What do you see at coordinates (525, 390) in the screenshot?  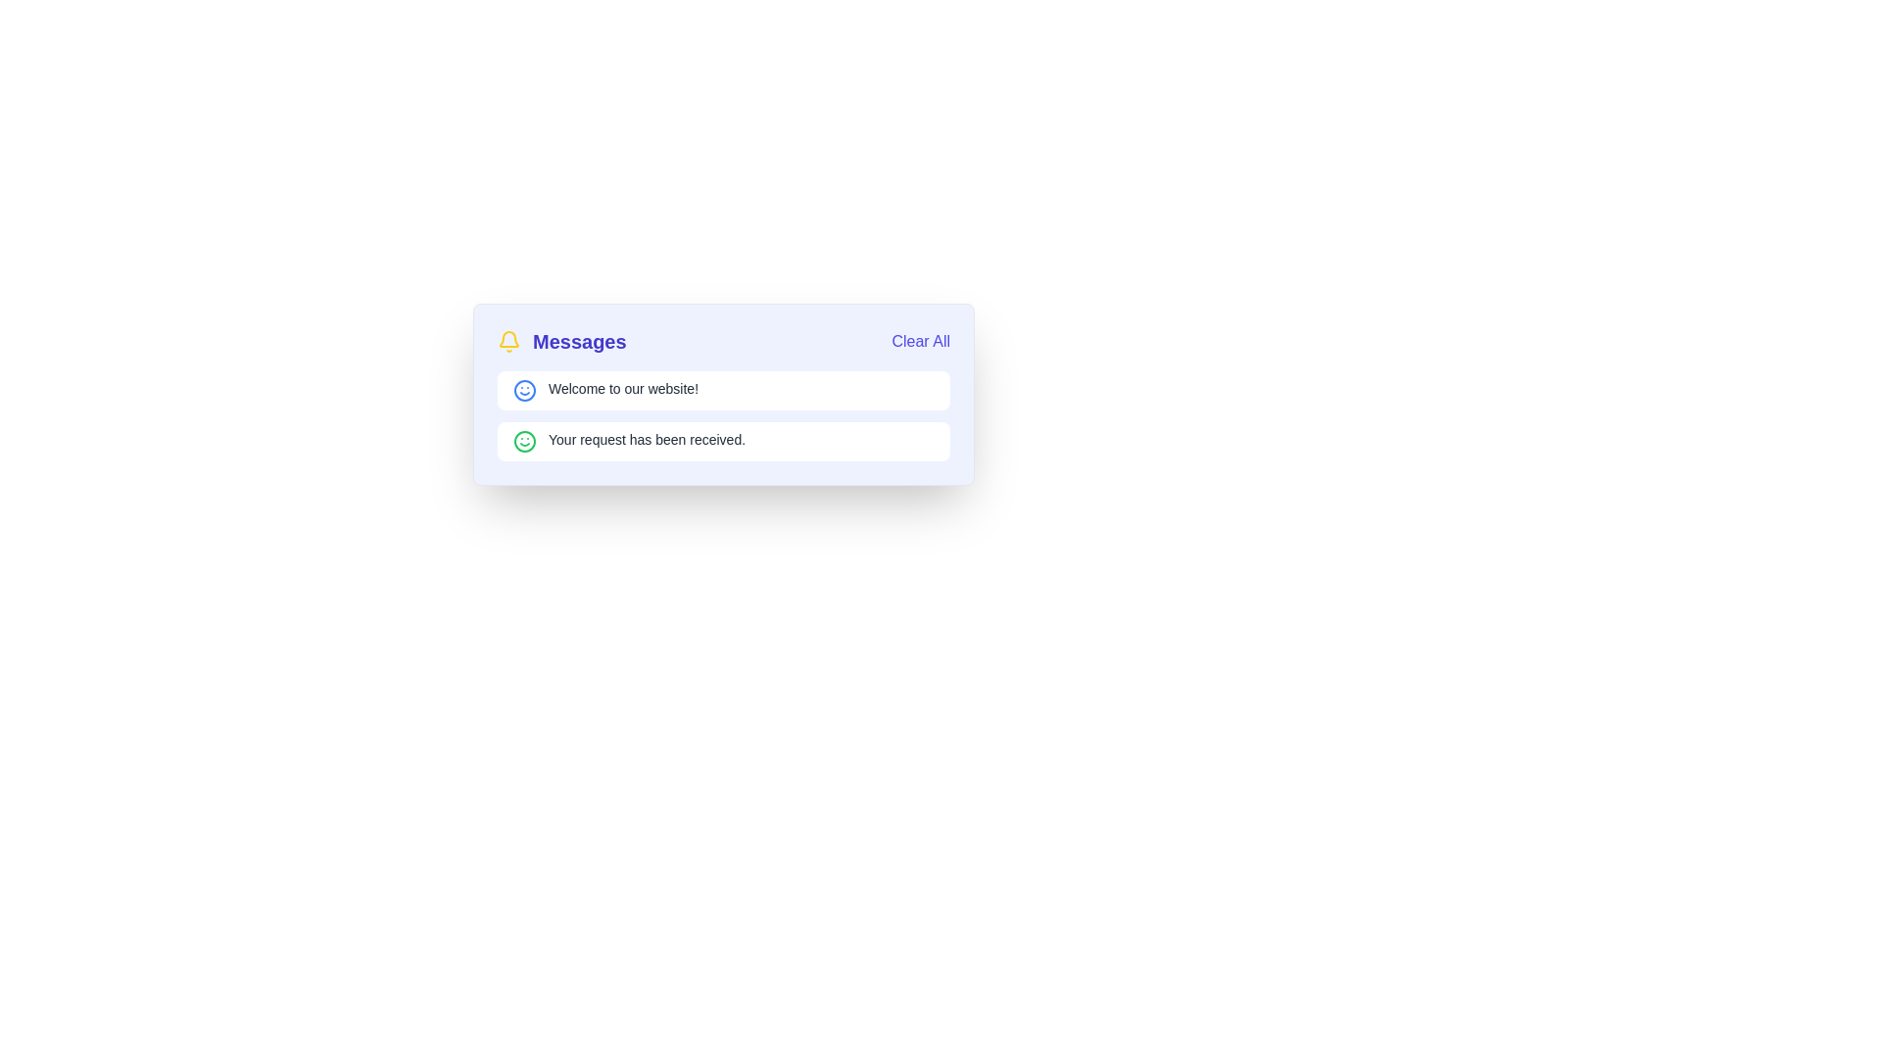 I see `the blue SVG icon with a circular outline and two dots for eyes, located to the left of the text 'Welcome to our website!' within the notification card` at bounding box center [525, 390].